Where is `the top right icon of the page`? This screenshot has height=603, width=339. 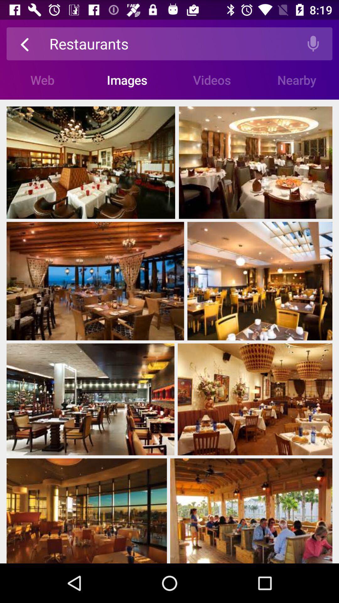
the top right icon of the page is located at coordinates (313, 43).